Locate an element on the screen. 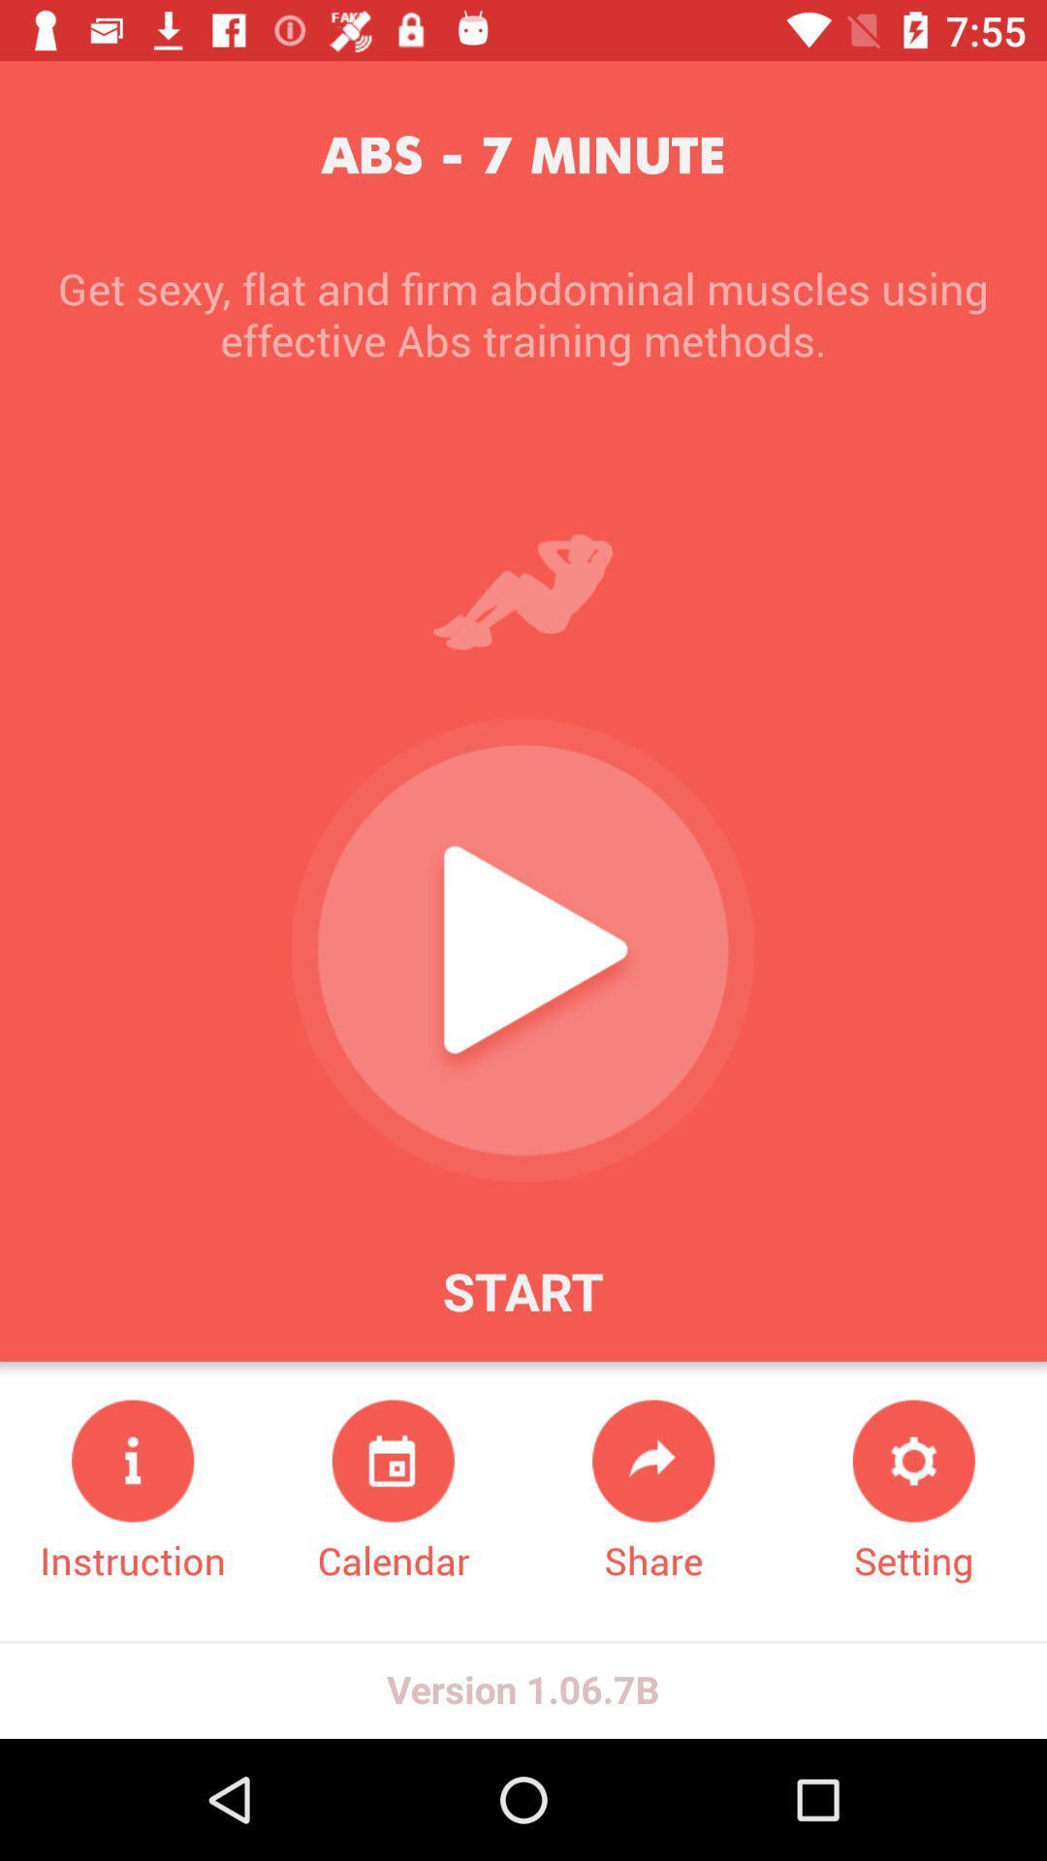  play is located at coordinates (522, 950).